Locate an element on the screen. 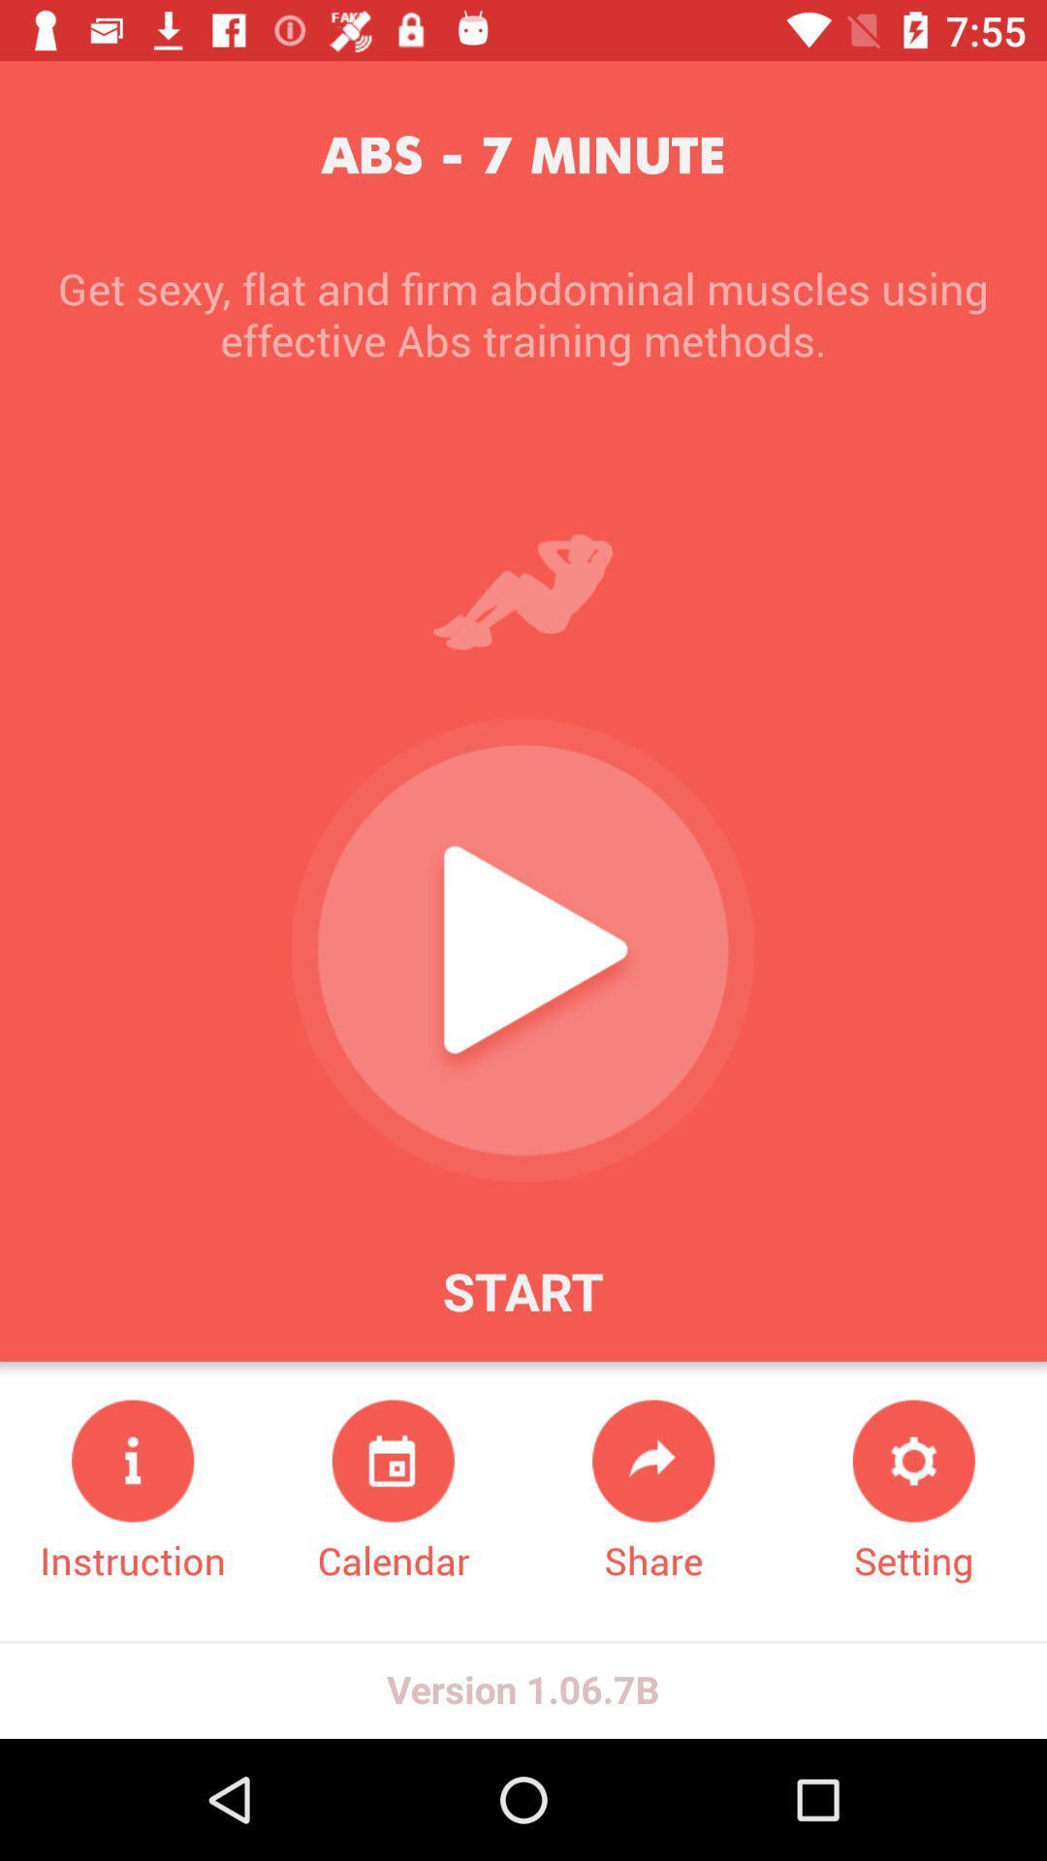  play is located at coordinates (522, 950).